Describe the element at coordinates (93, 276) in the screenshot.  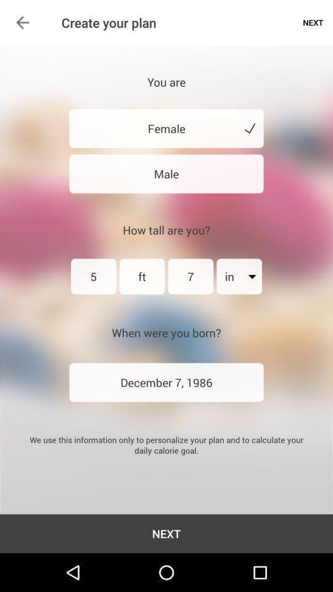
I see `the first text field below the text how tall are you on the web page` at that location.